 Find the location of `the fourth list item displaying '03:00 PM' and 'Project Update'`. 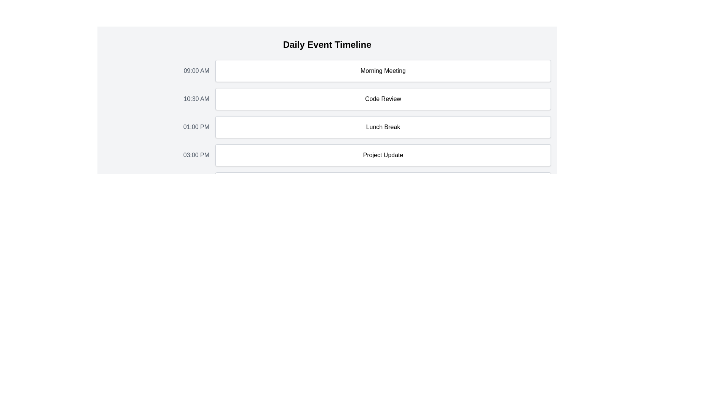

the fourth list item displaying '03:00 PM' and 'Project Update' is located at coordinates (327, 155).